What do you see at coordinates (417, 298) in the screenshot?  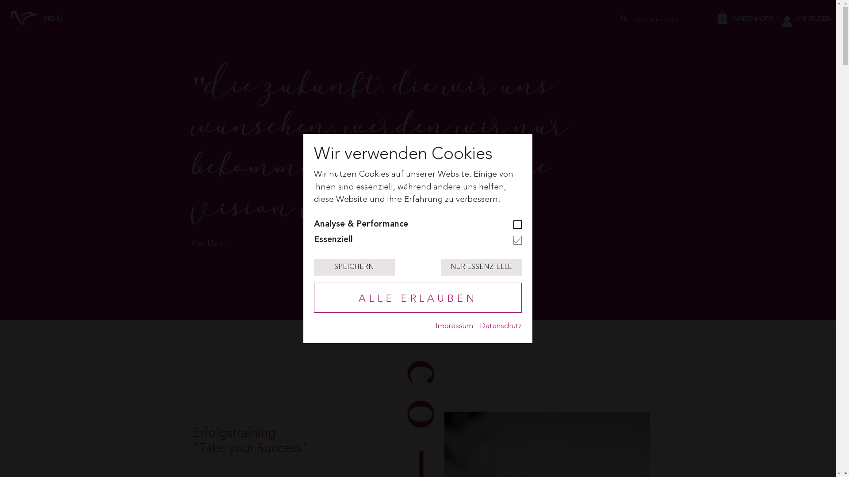 I see `'ALLE ERLAUBEN'` at bounding box center [417, 298].